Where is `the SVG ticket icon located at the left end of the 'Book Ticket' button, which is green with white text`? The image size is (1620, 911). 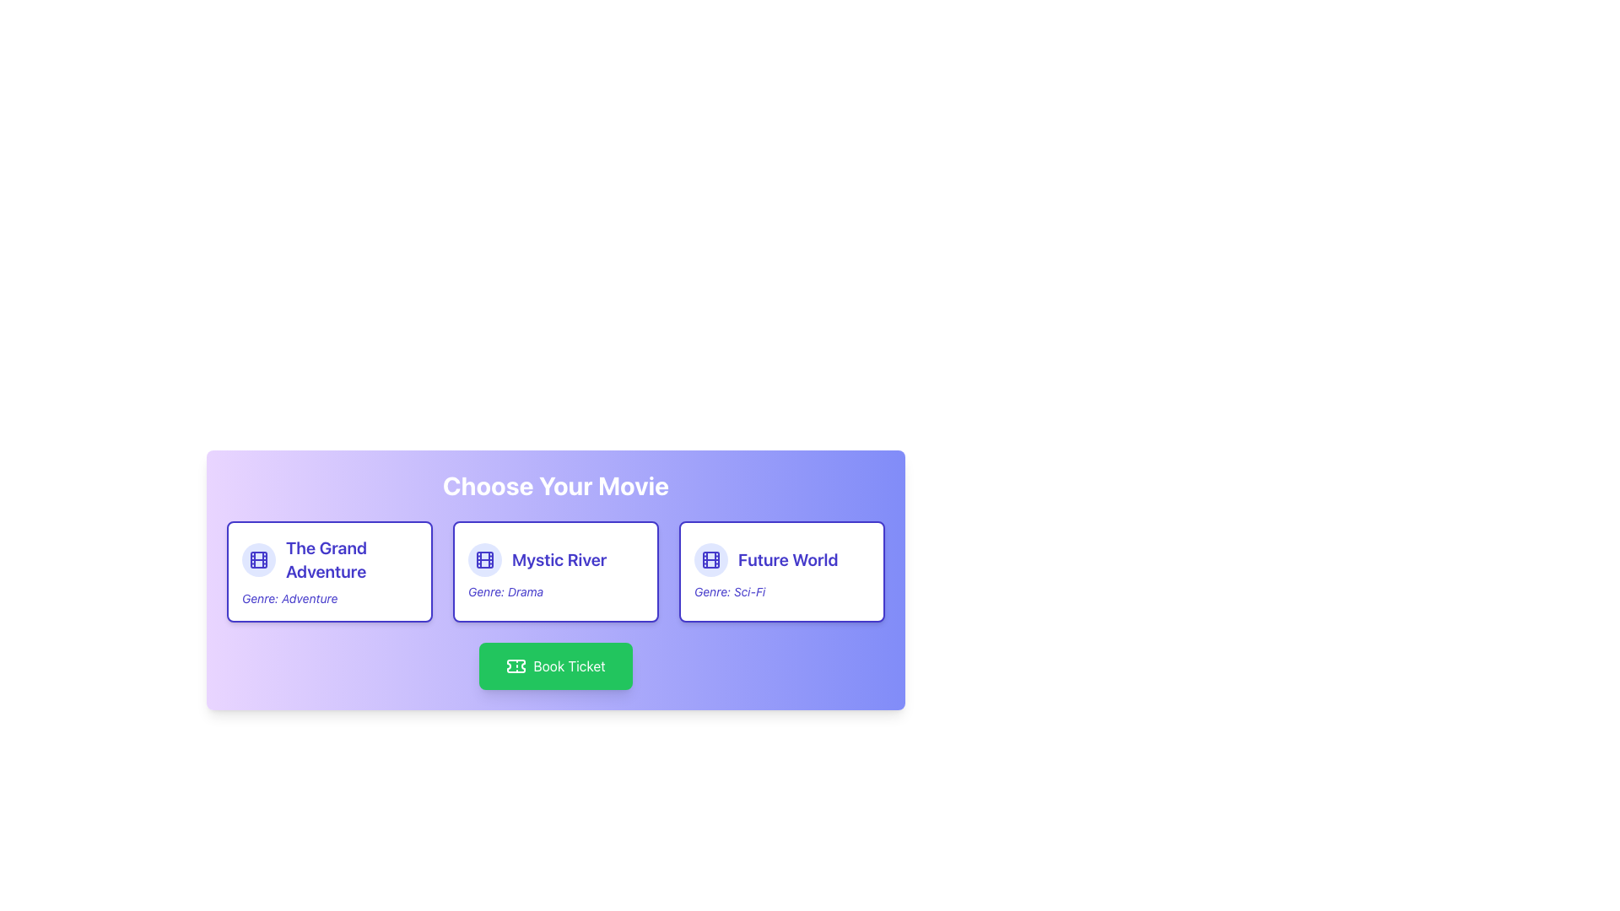
the SVG ticket icon located at the left end of the 'Book Ticket' button, which is green with white text is located at coordinates (516, 666).